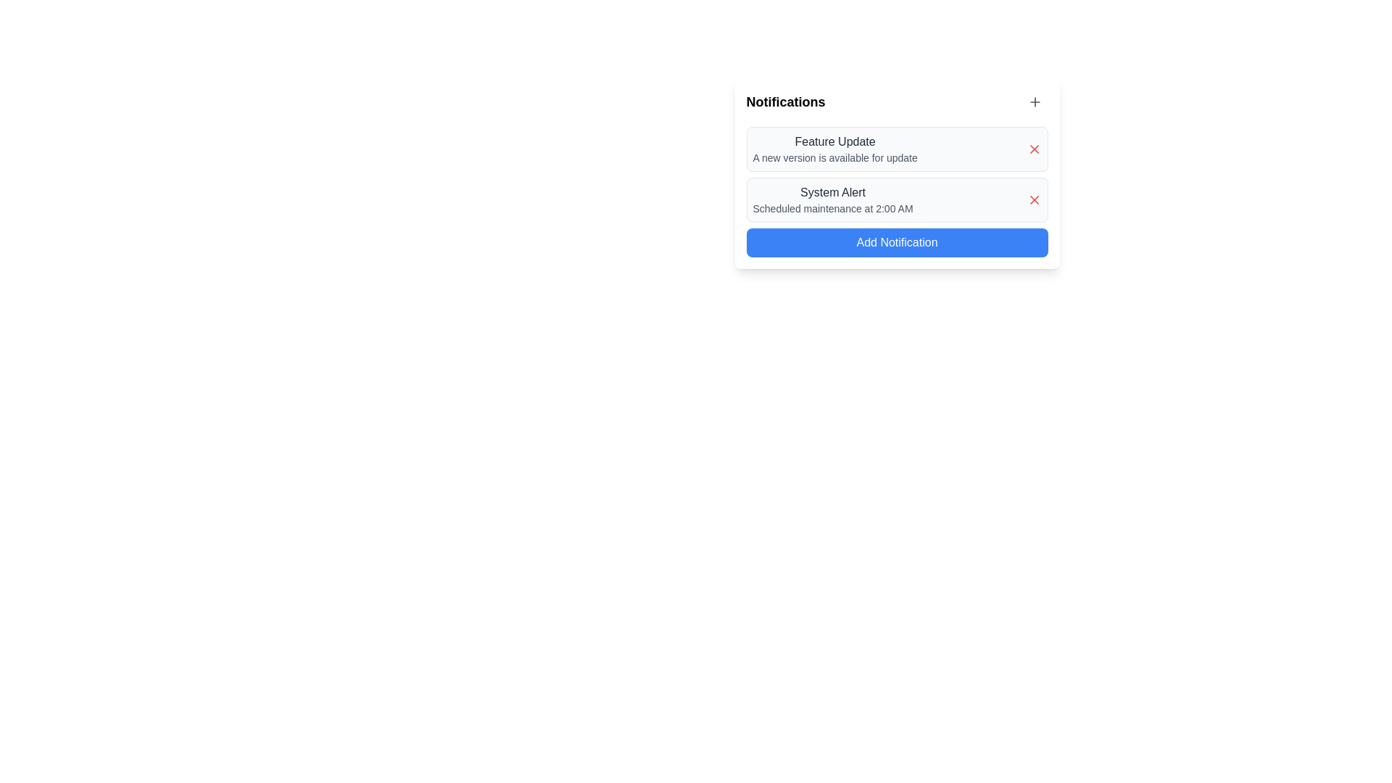 This screenshot has height=783, width=1392. What do you see at coordinates (835, 142) in the screenshot?
I see `the title Text Label of the first notification entry within the Notifications section, which summarizes the main subject of the notification` at bounding box center [835, 142].